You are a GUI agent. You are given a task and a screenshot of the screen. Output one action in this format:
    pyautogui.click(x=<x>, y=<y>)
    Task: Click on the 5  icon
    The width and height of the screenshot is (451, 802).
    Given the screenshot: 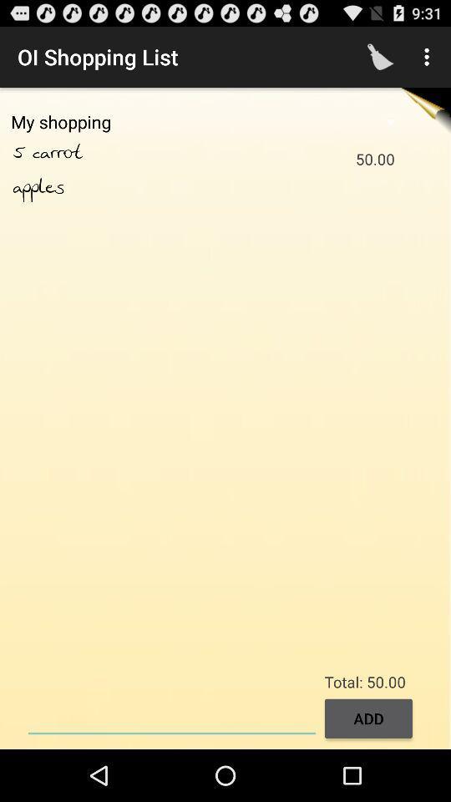 What is the action you would take?
    pyautogui.click(x=22, y=153)
    